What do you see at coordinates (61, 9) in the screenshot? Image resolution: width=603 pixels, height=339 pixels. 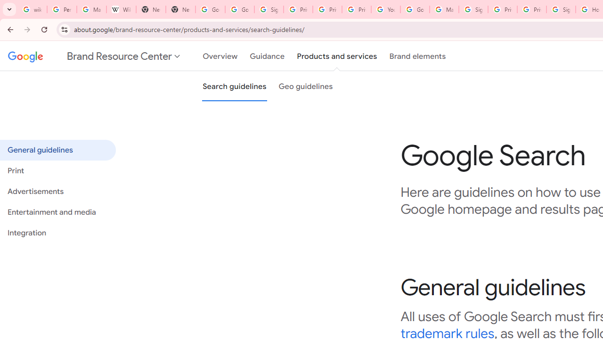 I see `'Personalization & Google Search results - Google Search Help'` at bounding box center [61, 9].